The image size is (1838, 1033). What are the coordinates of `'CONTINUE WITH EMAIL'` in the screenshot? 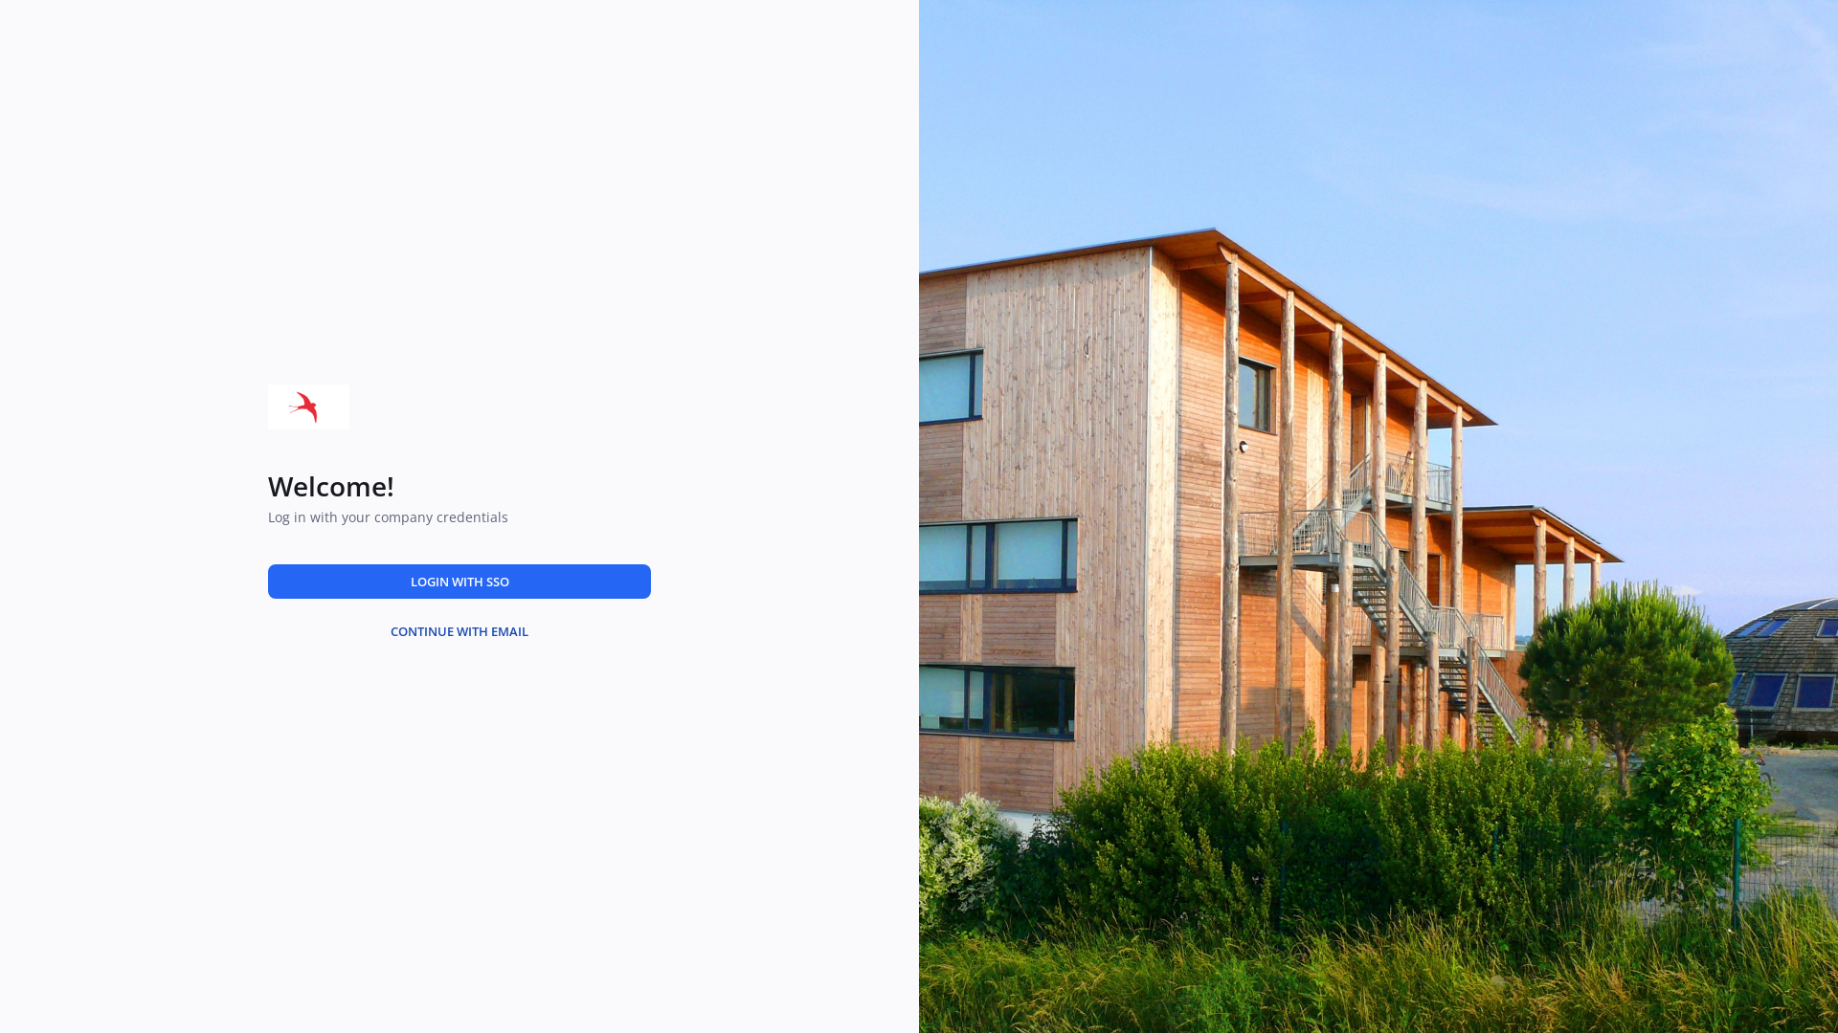 It's located at (266, 630).